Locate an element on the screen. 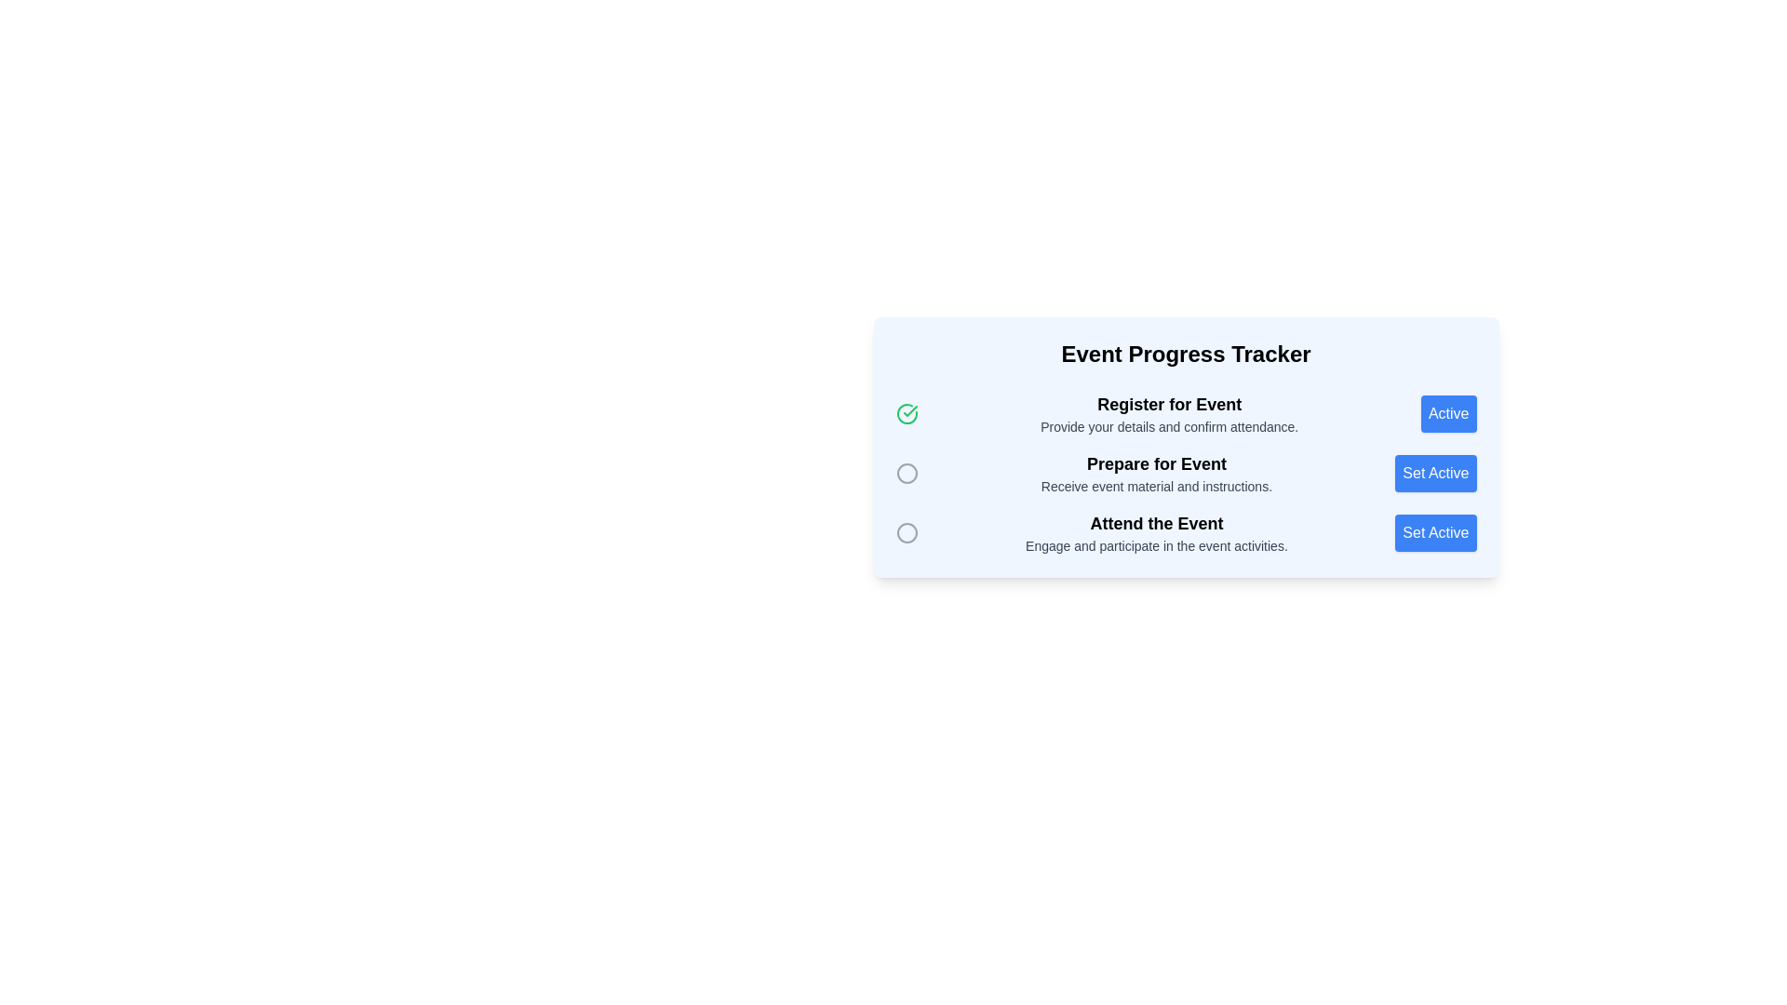 The height and width of the screenshot is (1005, 1787). the first progress tracker step indicating registration status for the event is located at coordinates (1185, 412).